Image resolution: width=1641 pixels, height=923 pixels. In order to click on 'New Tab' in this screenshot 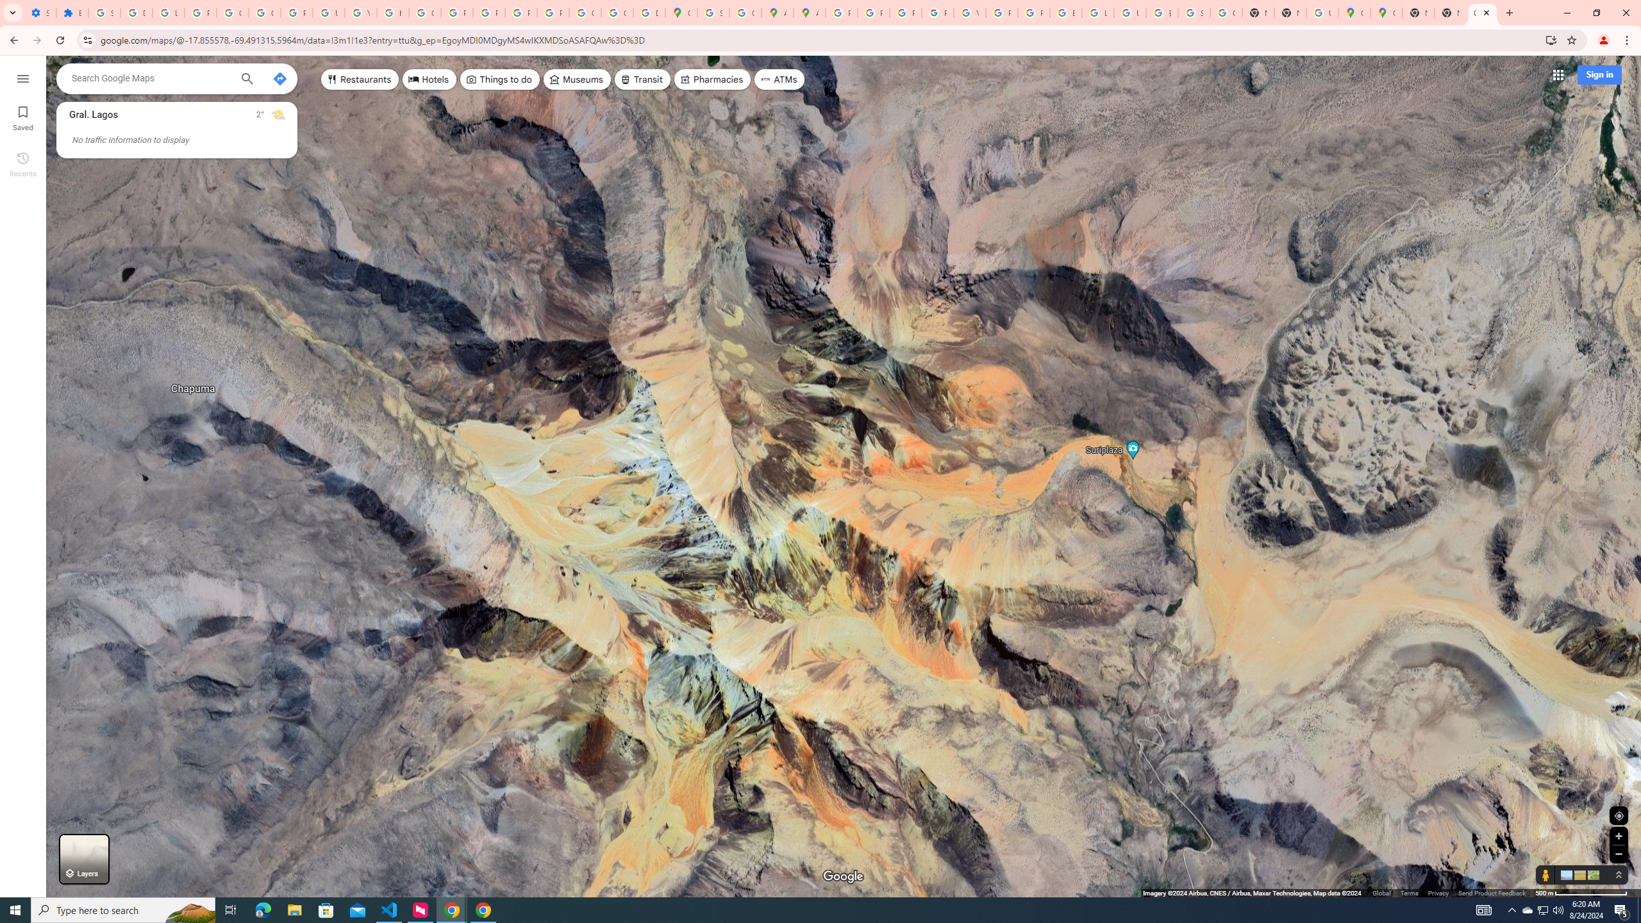, I will do `click(1450, 12)`.